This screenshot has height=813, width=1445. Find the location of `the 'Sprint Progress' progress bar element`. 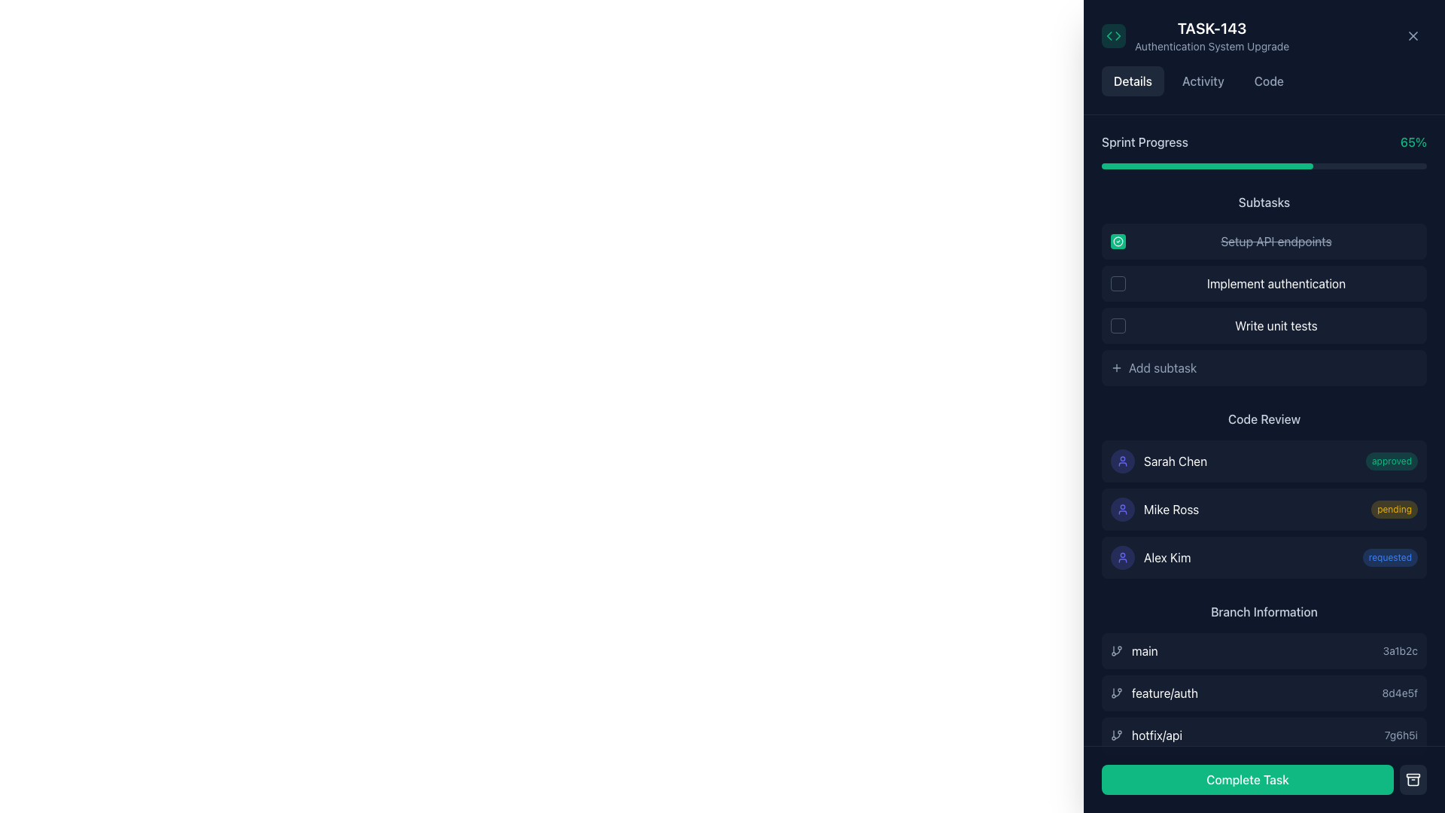

the 'Sprint Progress' progress bar element is located at coordinates (1264, 151).